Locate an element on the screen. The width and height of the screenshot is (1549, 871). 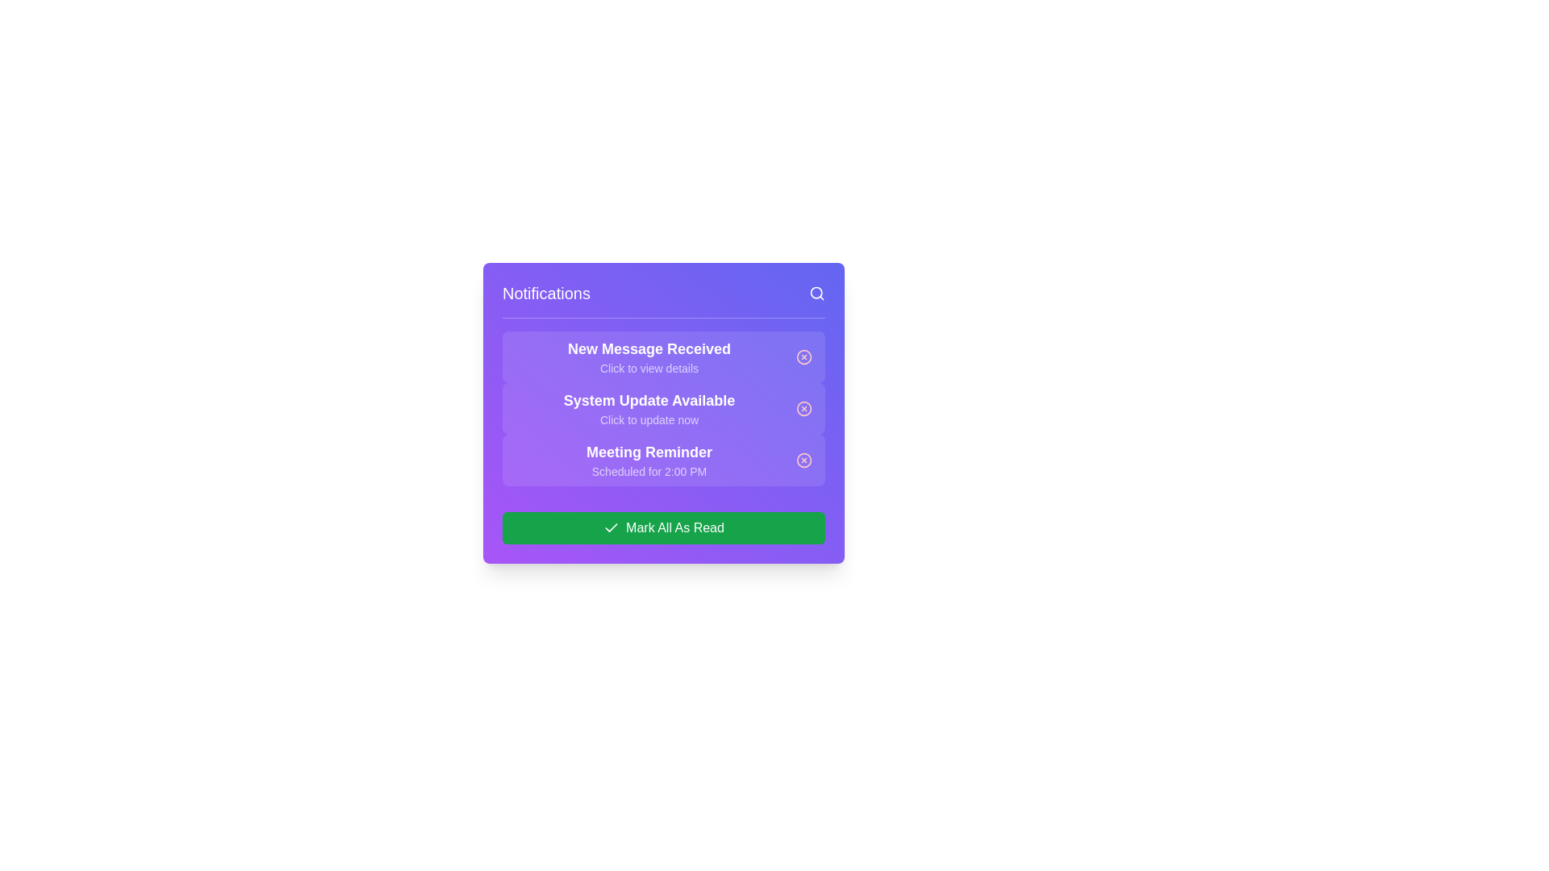
the first notification entry located in the notifications modal interface, positioned at the top under the header 'Notifications' is located at coordinates (649, 356).